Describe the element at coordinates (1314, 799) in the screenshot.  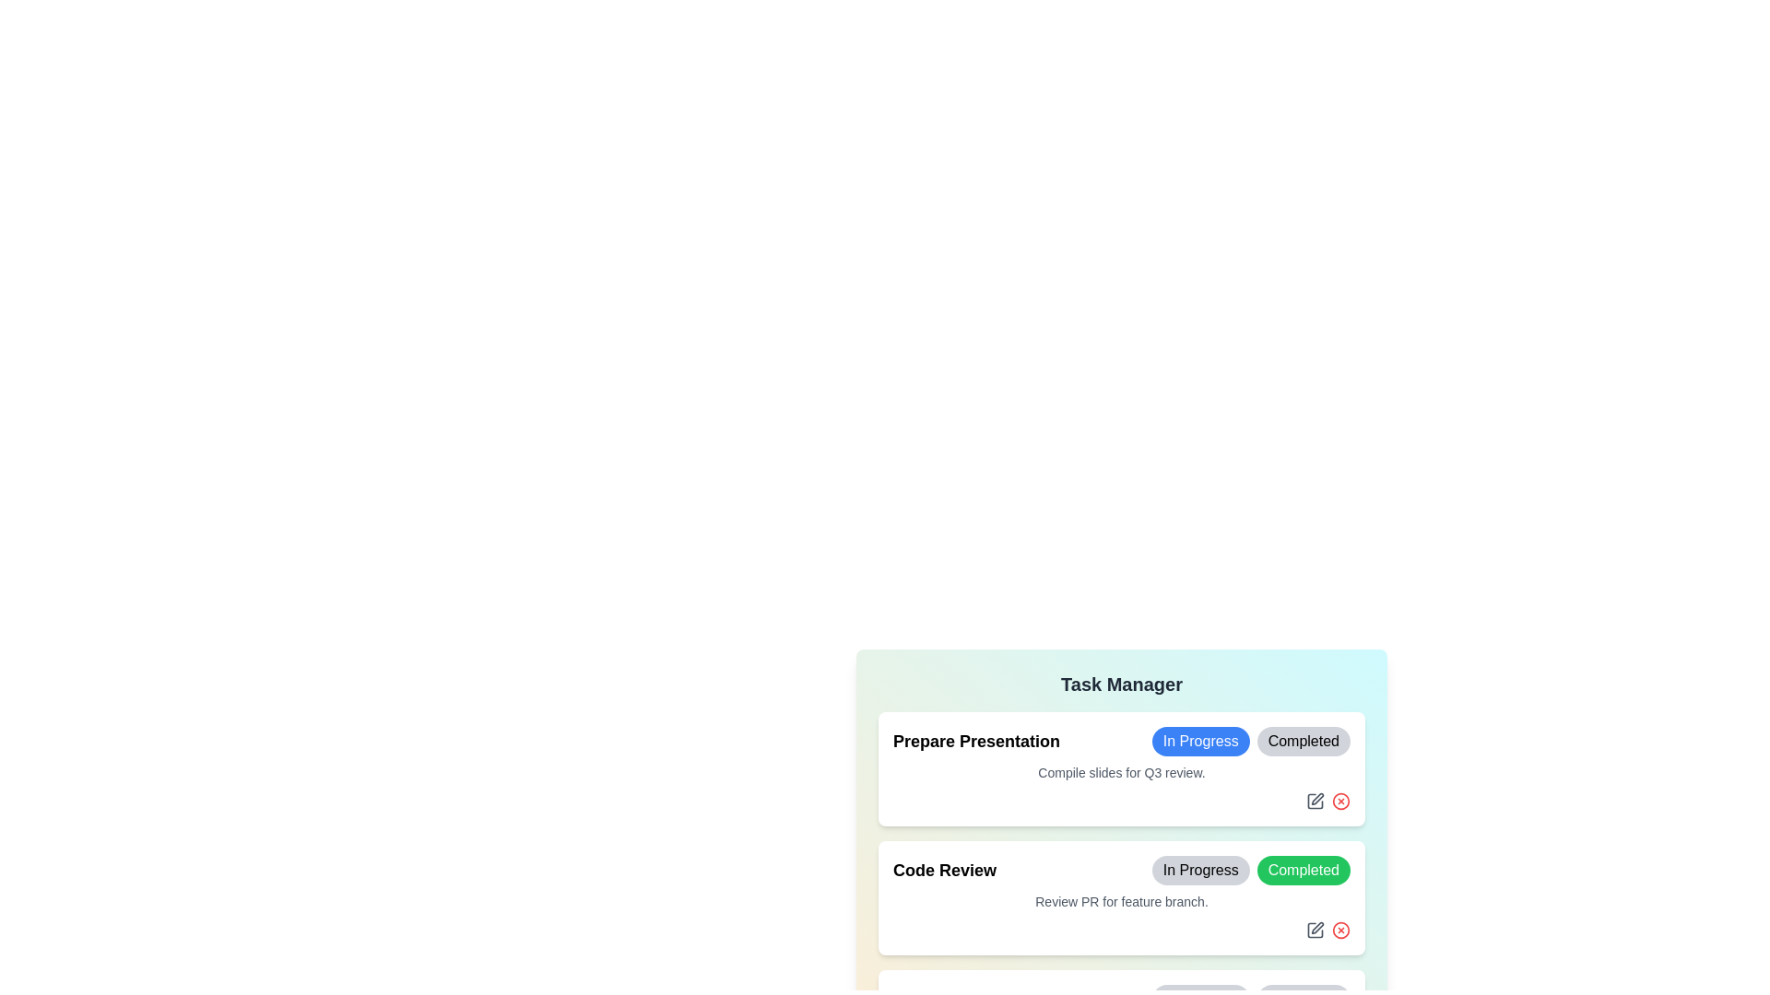
I see `the edit icon for the task titled 'Prepare Presentation'` at that location.